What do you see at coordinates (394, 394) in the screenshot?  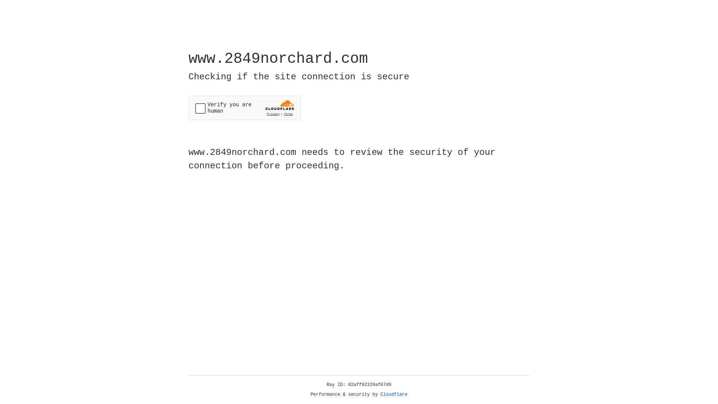 I see `'Cloudflare'` at bounding box center [394, 394].